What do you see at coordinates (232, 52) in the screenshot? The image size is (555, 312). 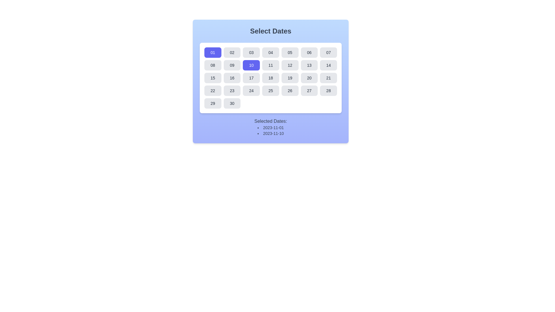 I see `the second selectable date button in the calendar interface` at bounding box center [232, 52].